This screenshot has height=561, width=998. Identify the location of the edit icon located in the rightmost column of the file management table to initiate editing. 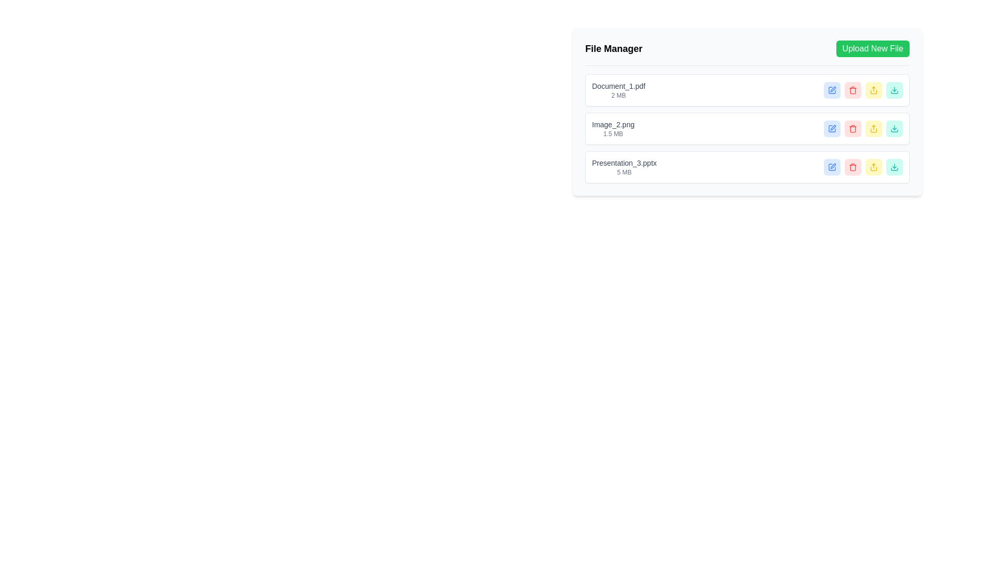
(832, 166).